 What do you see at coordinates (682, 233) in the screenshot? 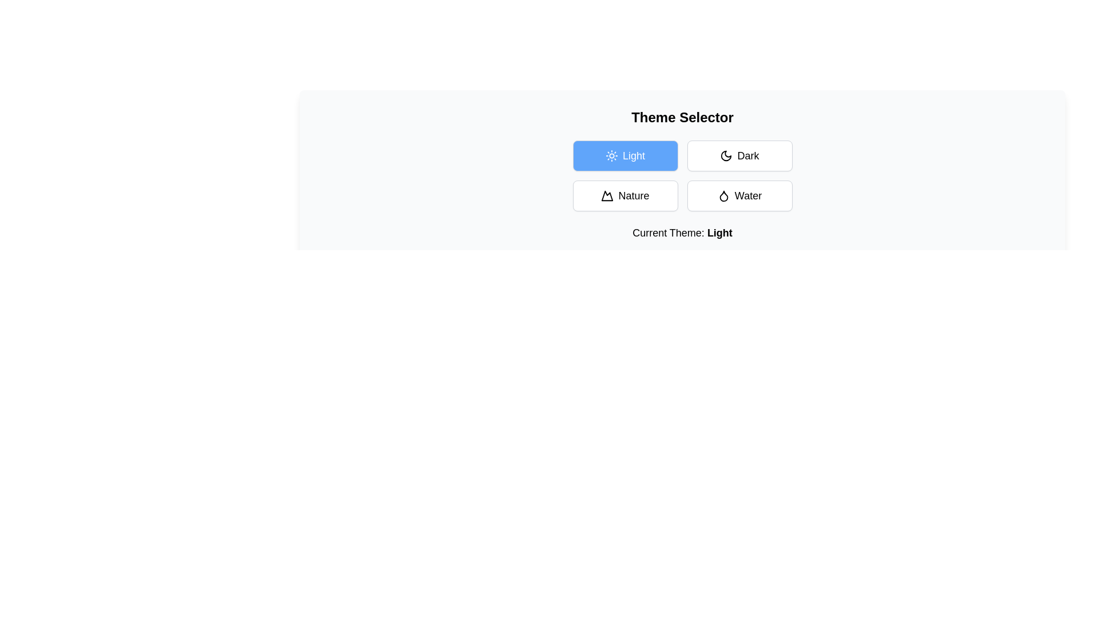
I see `the text label displaying 'Current Theme: Light' which is centrally aligned below the theme selector buttons` at bounding box center [682, 233].